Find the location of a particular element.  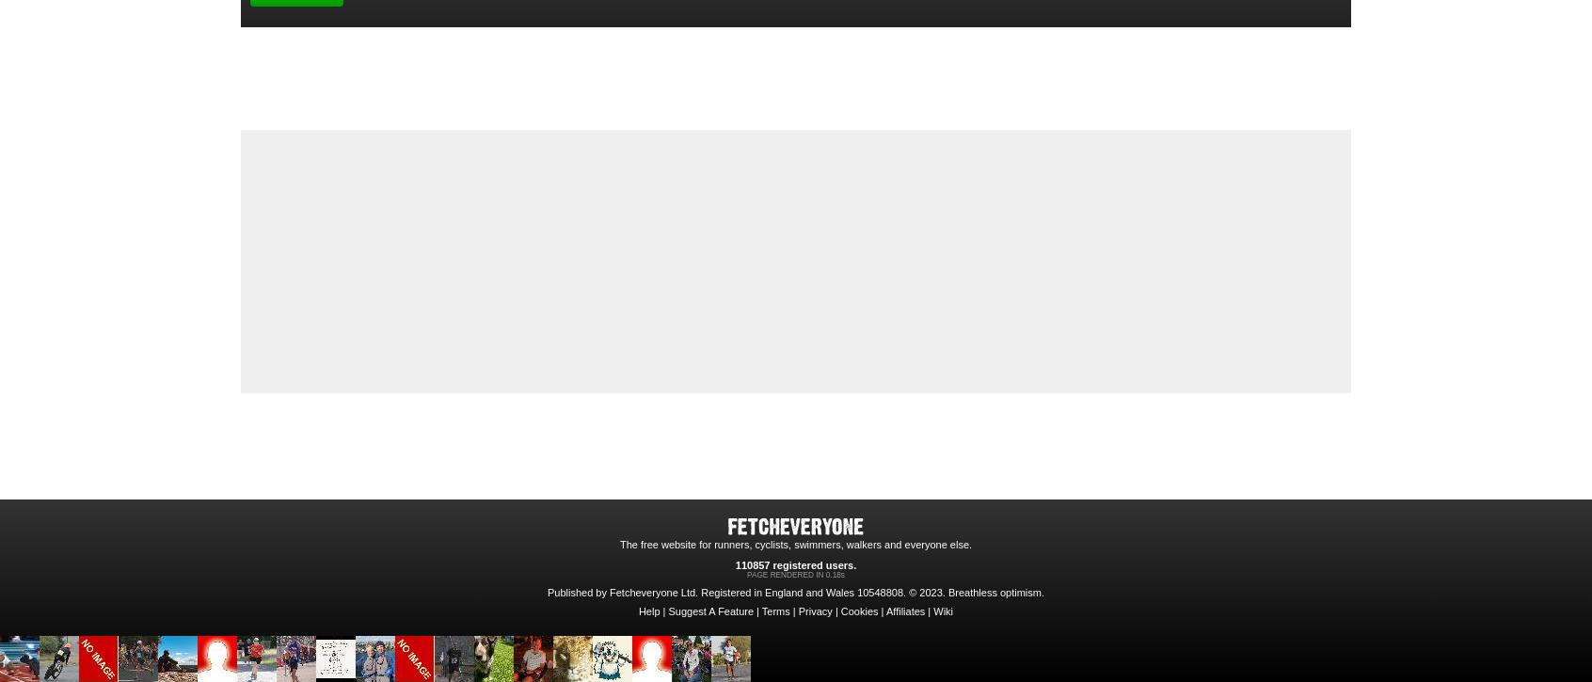

'PAGE RENDERED IN 0.18s' is located at coordinates (795, 574).